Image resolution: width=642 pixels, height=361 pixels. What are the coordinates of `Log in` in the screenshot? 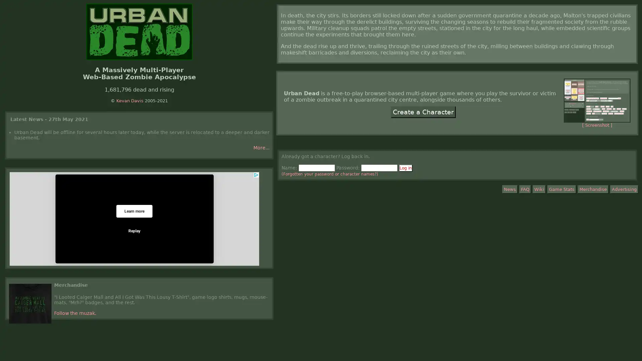 It's located at (405, 167).